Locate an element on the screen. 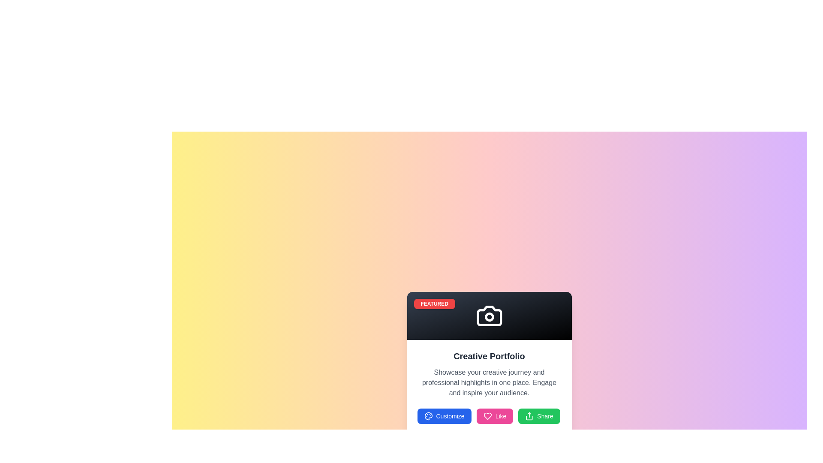 Image resolution: width=823 pixels, height=463 pixels. the painter's palette icon located within the 'Customize' button, which has a blue color and several small circles representing paint nodes is located at coordinates (428, 416).